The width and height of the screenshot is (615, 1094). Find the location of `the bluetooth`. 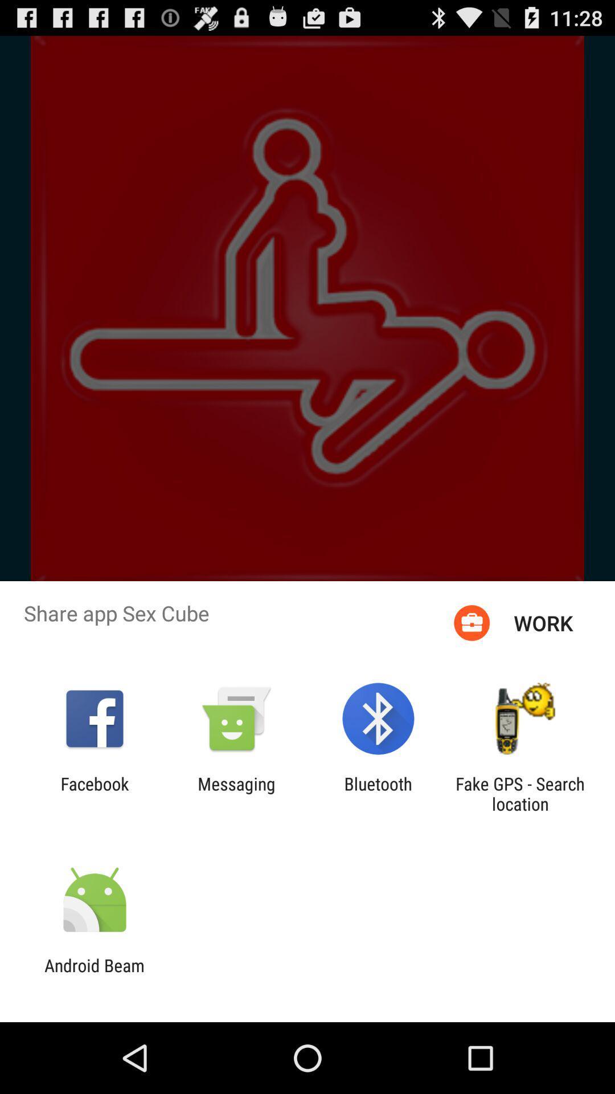

the bluetooth is located at coordinates (378, 793).